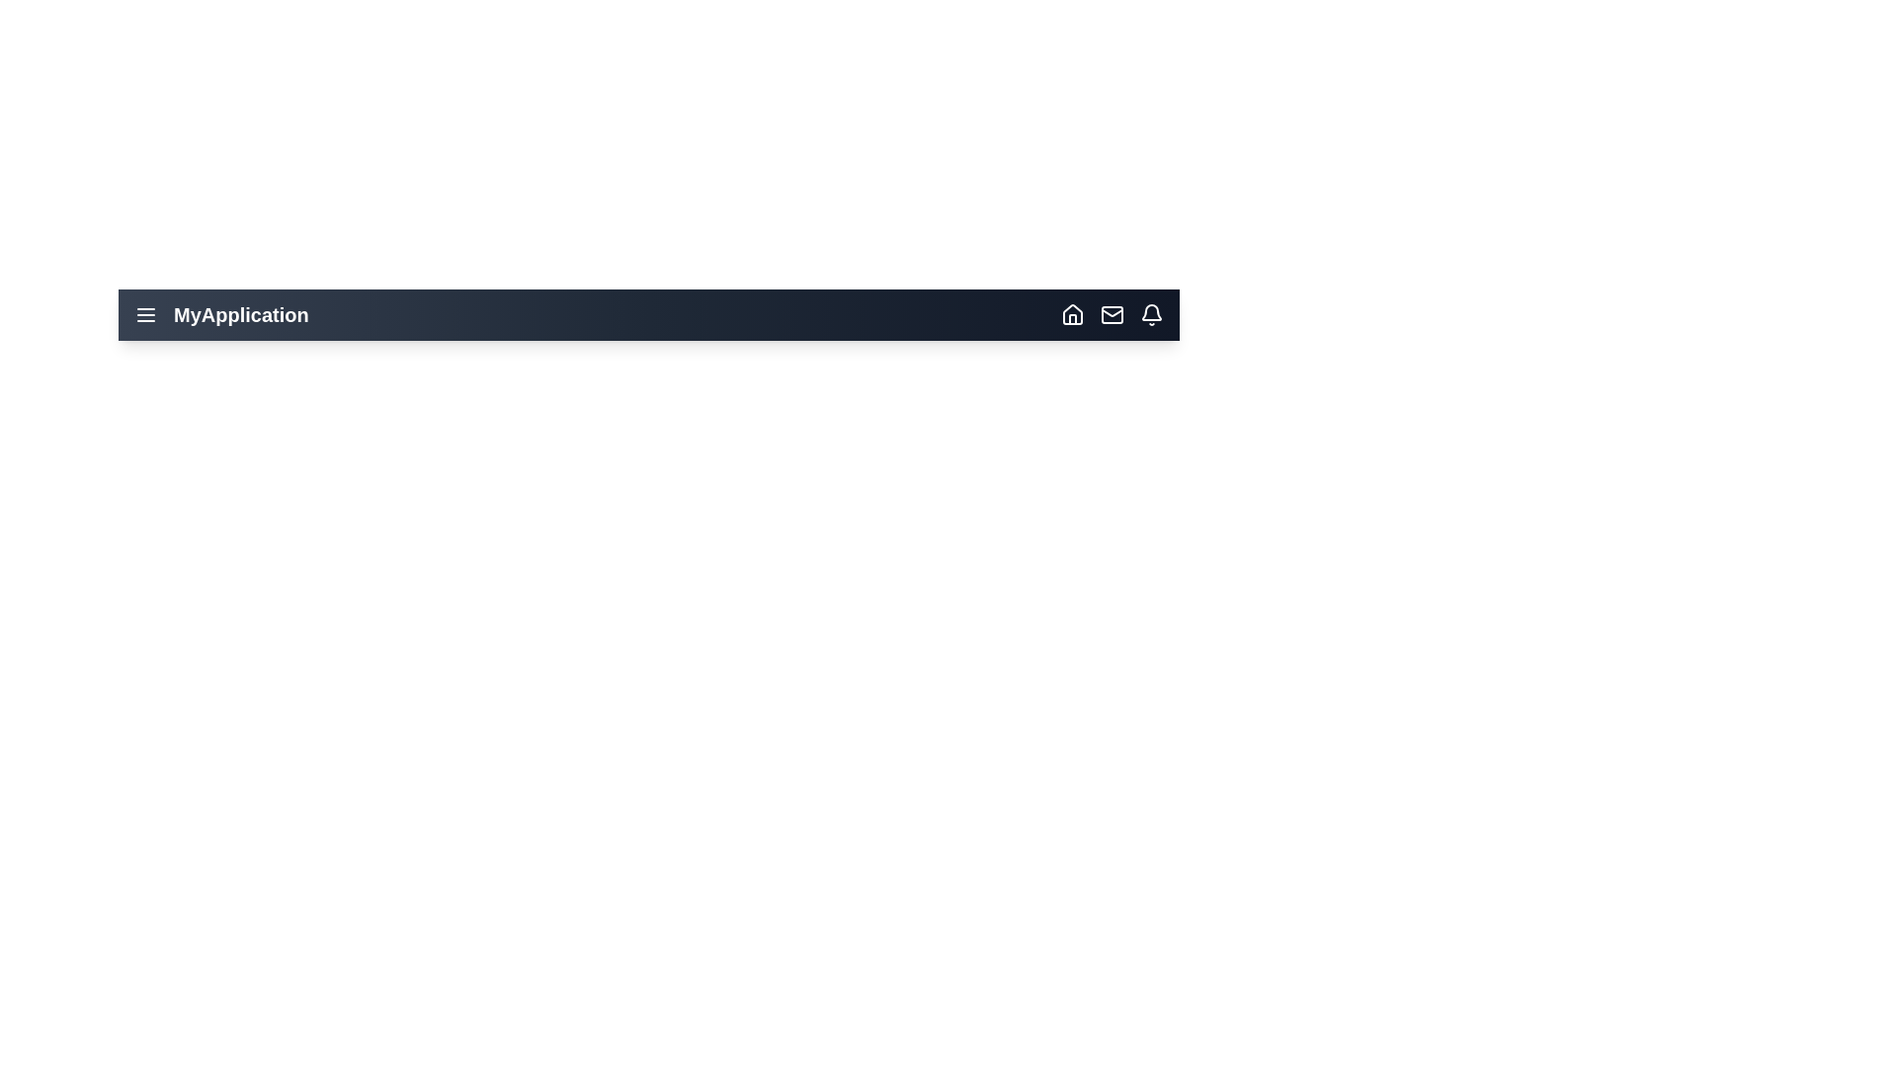 This screenshot has width=1897, height=1067. I want to click on the mail icon to open the mail section, so click(1113, 314).